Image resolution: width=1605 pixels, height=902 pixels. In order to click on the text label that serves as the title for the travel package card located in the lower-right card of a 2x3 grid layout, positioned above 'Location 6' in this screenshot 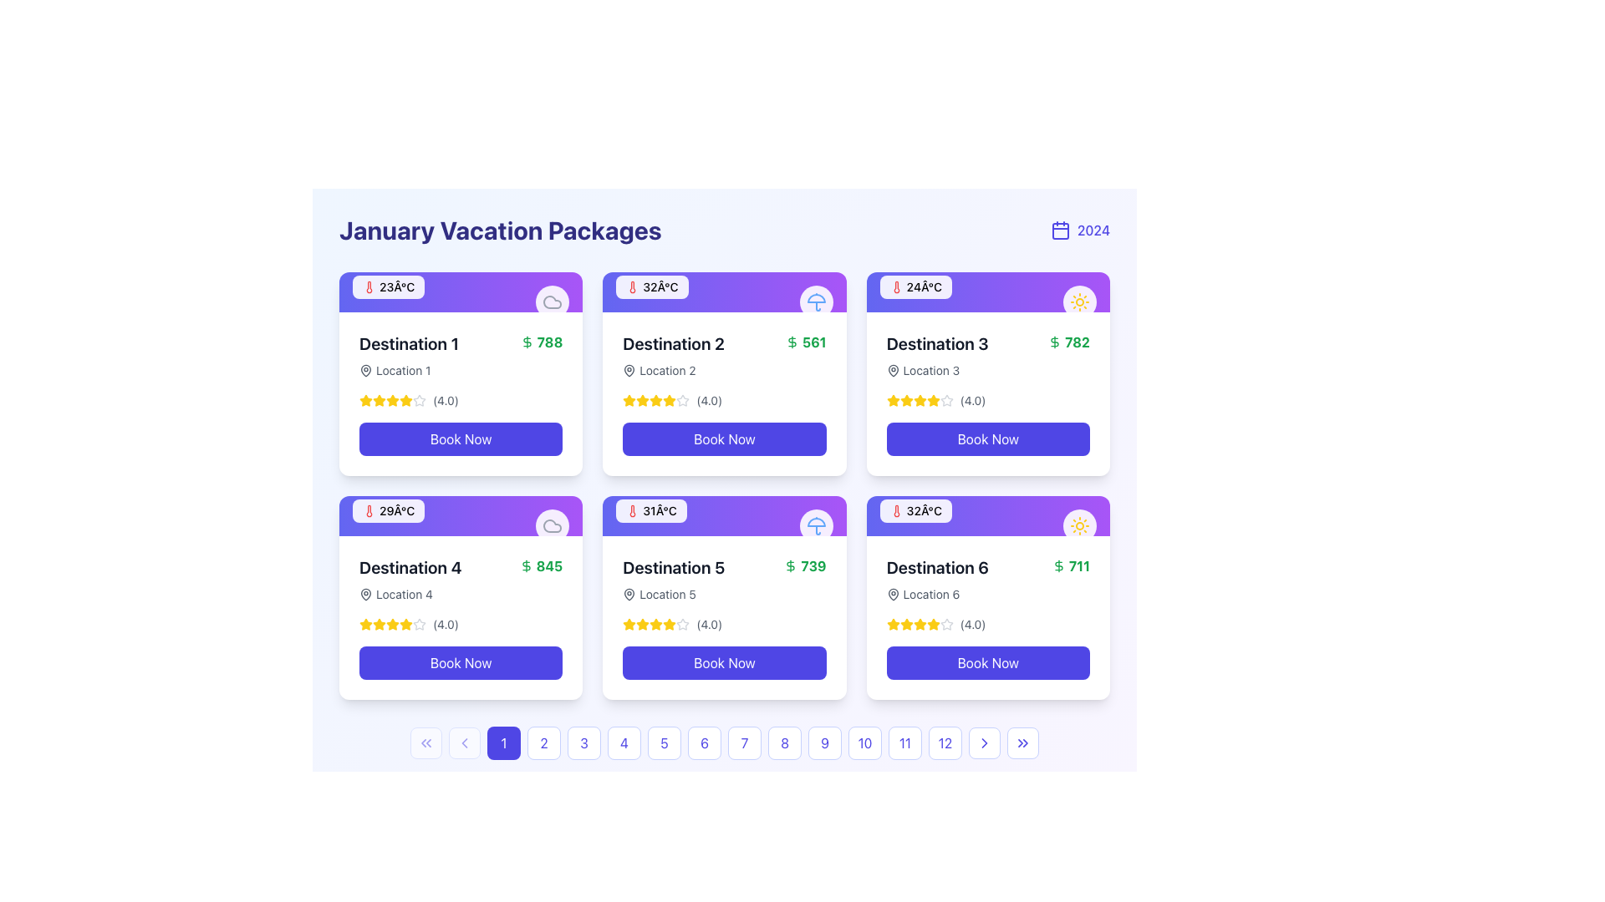, I will do `click(937, 566)`.